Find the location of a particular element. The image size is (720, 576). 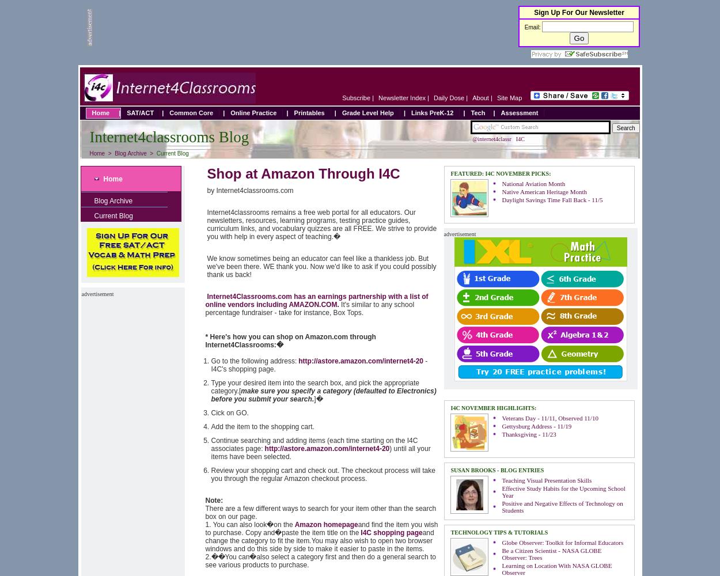

'Be a Citizen Scientist - NASA GLOBE Observer: Trees' is located at coordinates (551, 554).